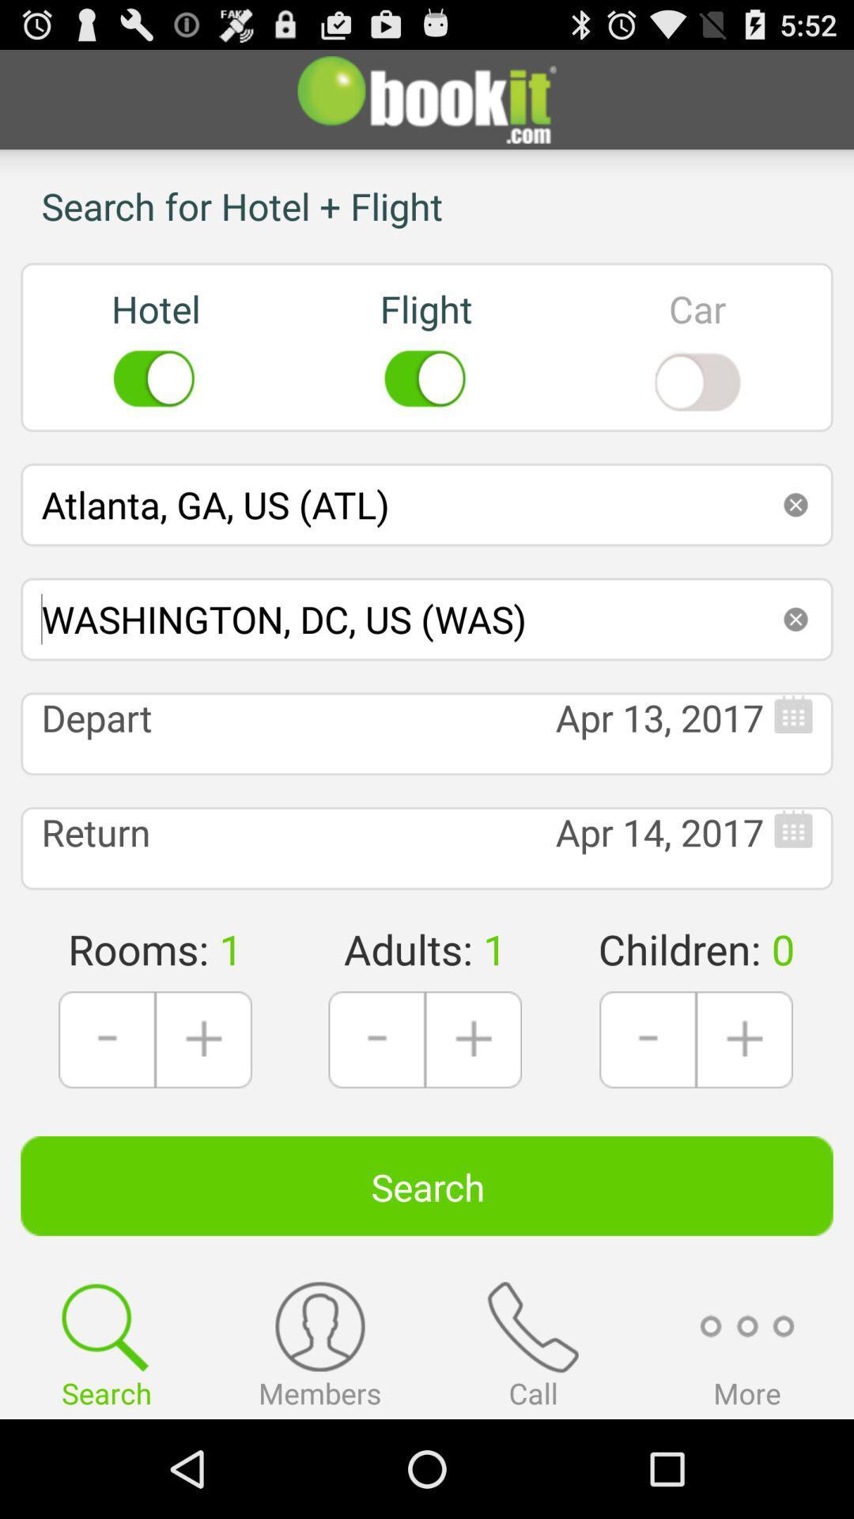  Describe the element at coordinates (648, 1112) in the screenshot. I see `the minus icon` at that location.